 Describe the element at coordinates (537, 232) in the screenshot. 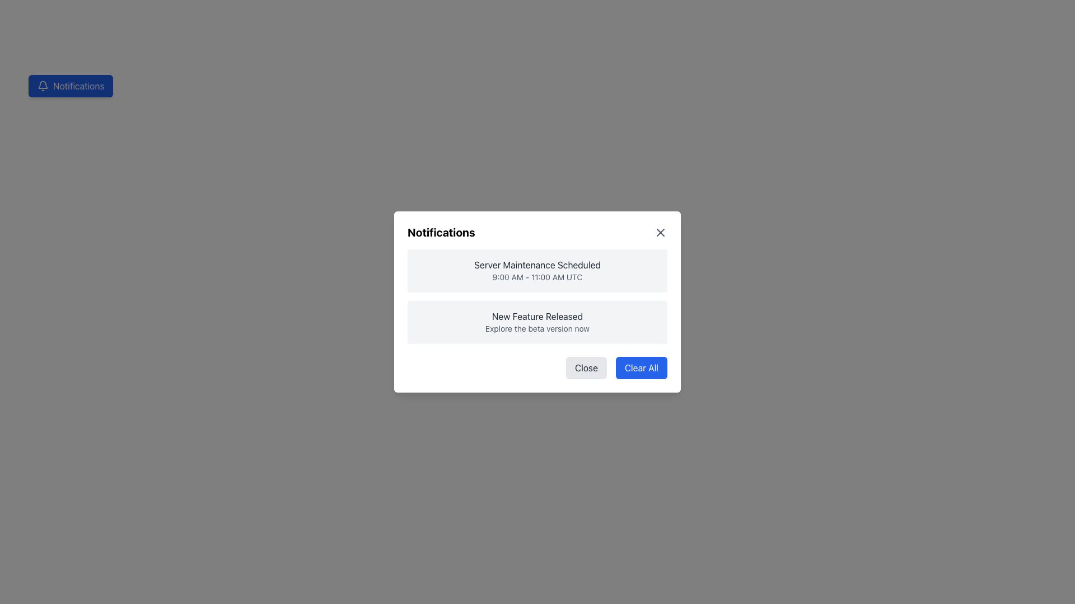

I see `title of the notification panel, which is displayed in bold as 'Notifications' at the top of the dialog box` at that location.